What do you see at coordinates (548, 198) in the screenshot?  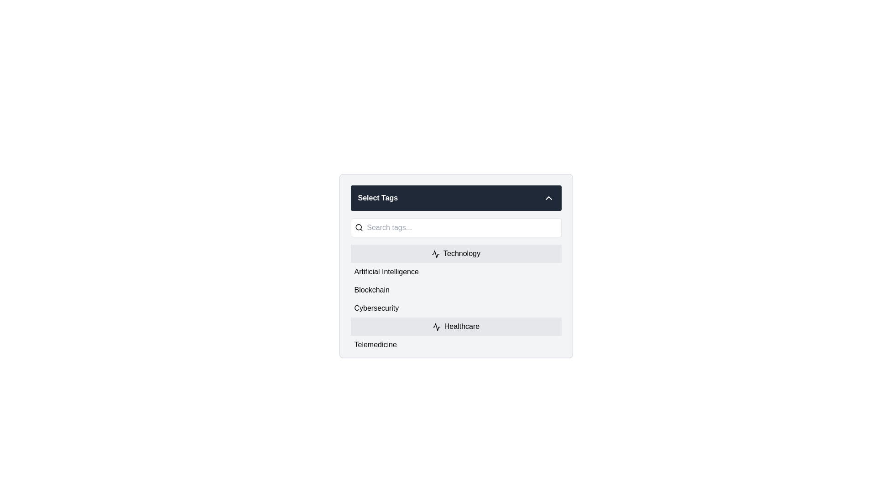 I see `the toggle icon located to the far right of the 'Select Tags' header` at bounding box center [548, 198].